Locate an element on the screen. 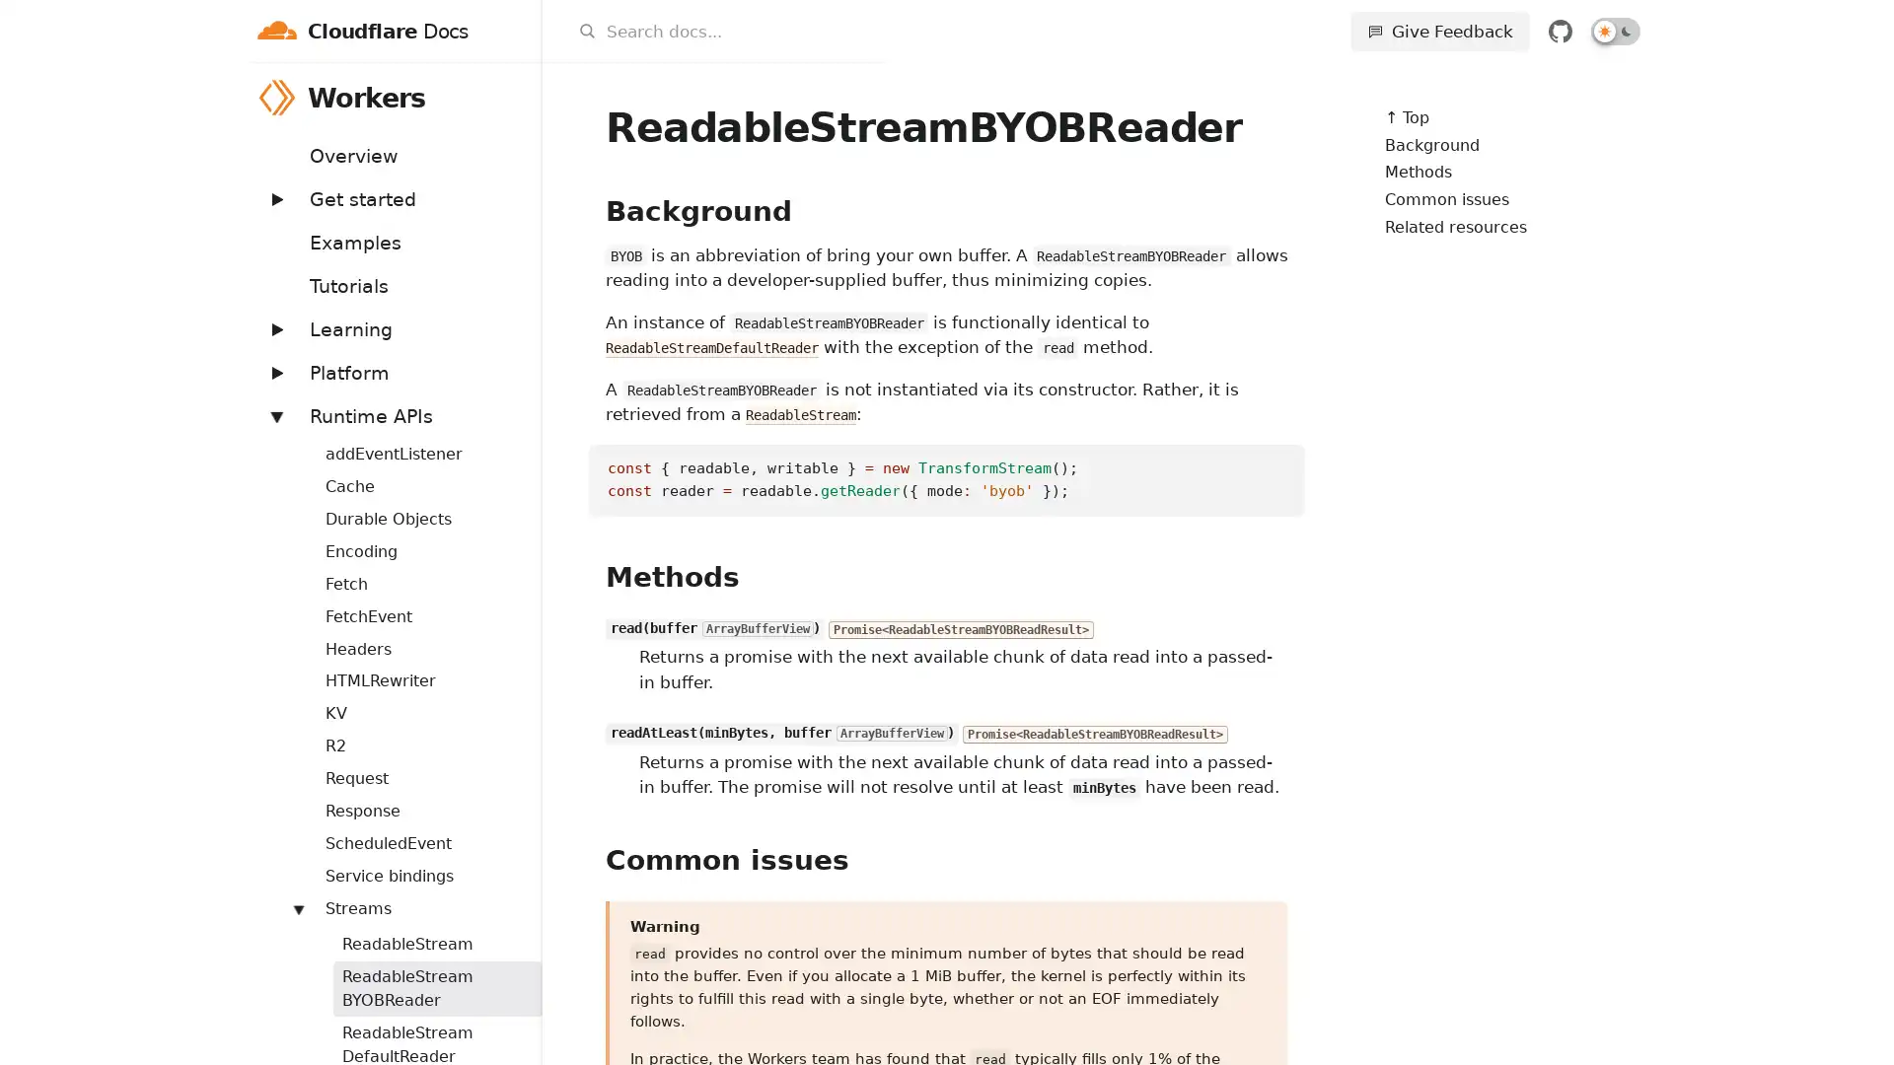 The height and width of the screenshot is (1065, 1894). Give Feedback is located at coordinates (1439, 31).